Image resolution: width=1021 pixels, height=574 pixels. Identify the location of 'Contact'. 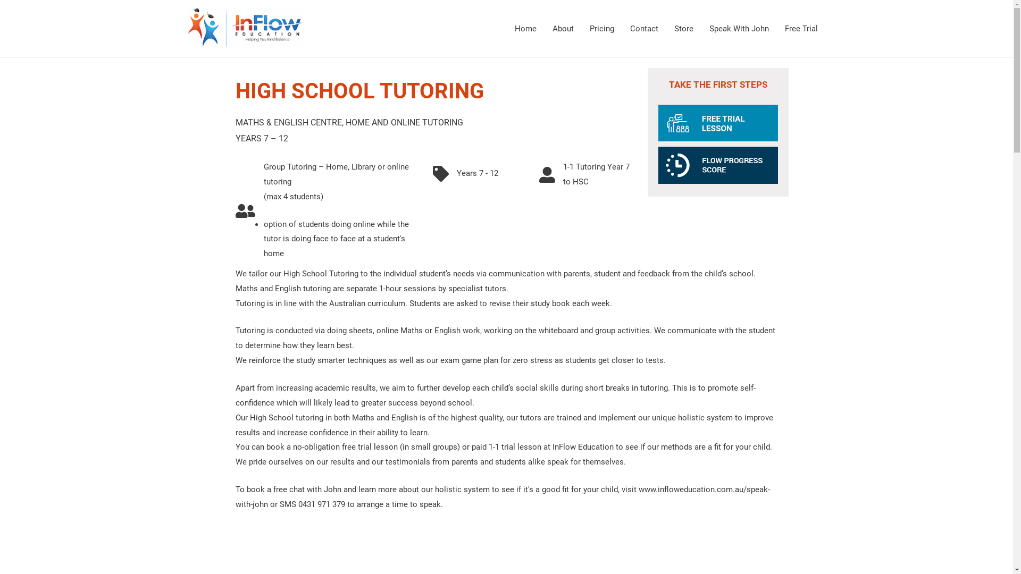
(643, 28).